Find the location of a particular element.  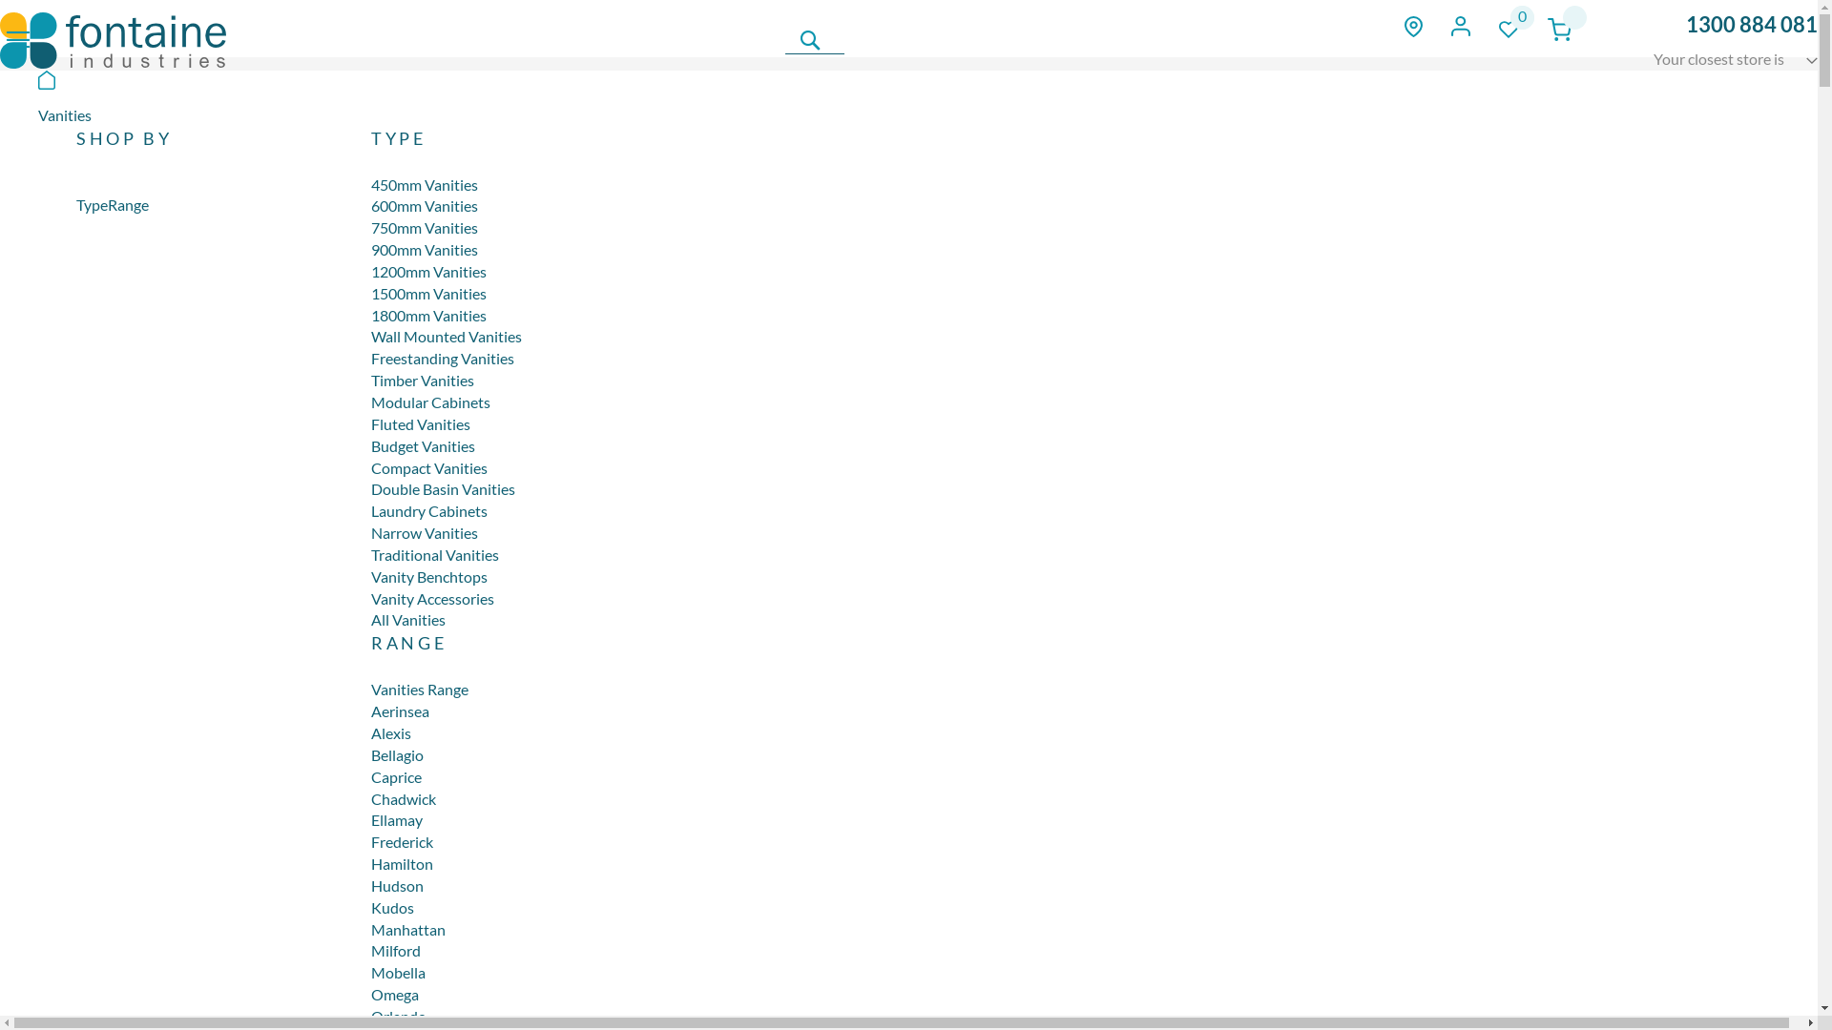

'Wall Mounted Vanities' is located at coordinates (446, 335).